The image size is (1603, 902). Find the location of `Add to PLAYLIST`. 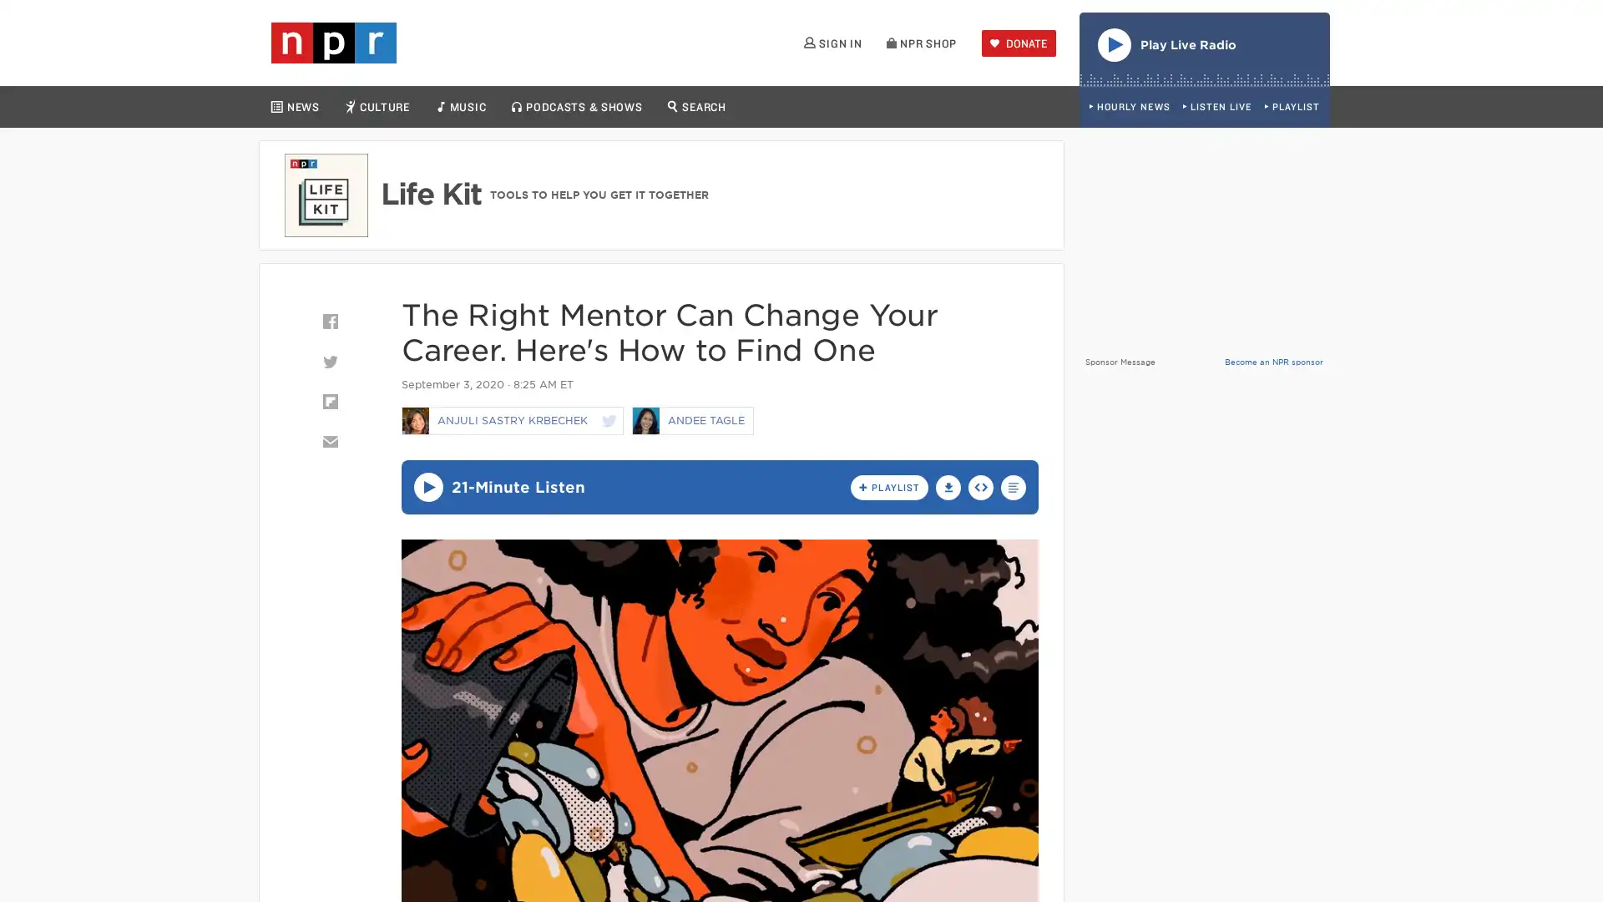

Add to PLAYLIST is located at coordinates (888, 486).